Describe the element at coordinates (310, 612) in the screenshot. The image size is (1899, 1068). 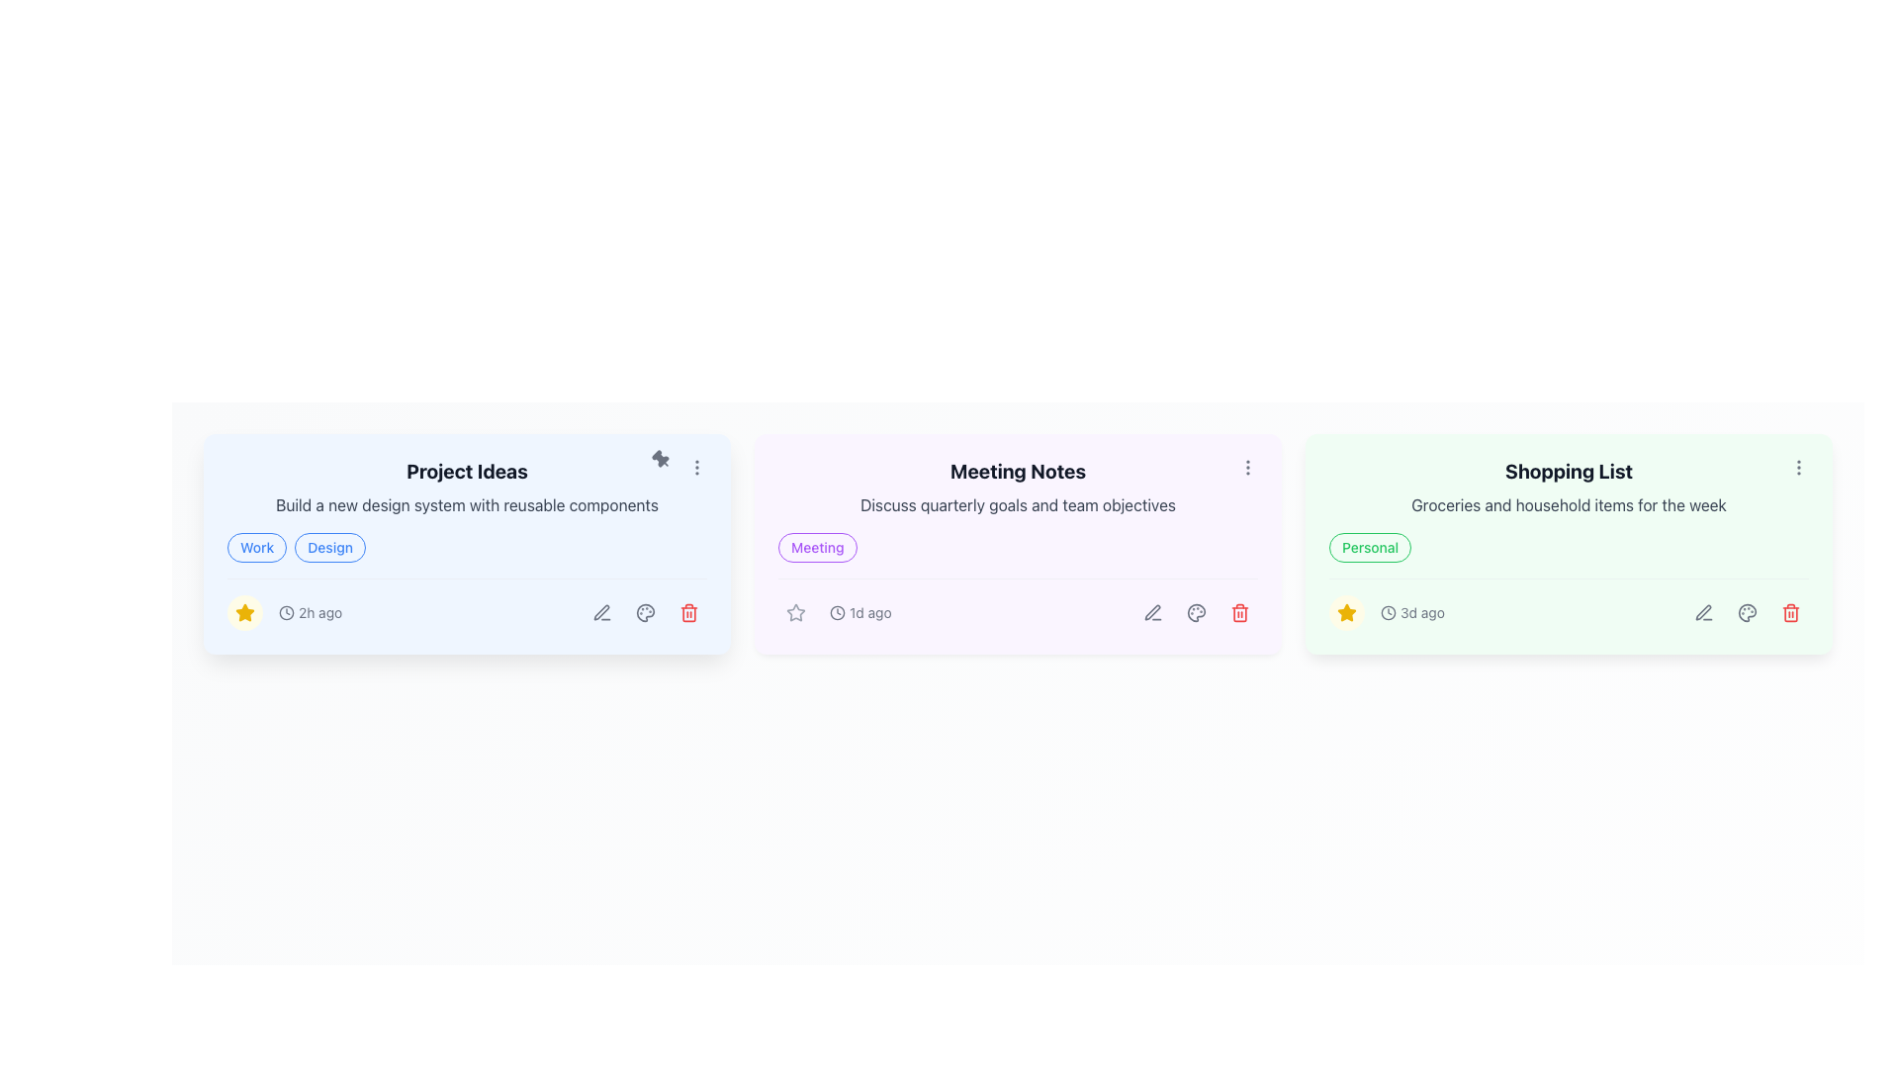
I see `the time indicator text reading '2h ago' accompanied by a clock icon, located at the bottom left section of the 'Project Ideas' card` at that location.